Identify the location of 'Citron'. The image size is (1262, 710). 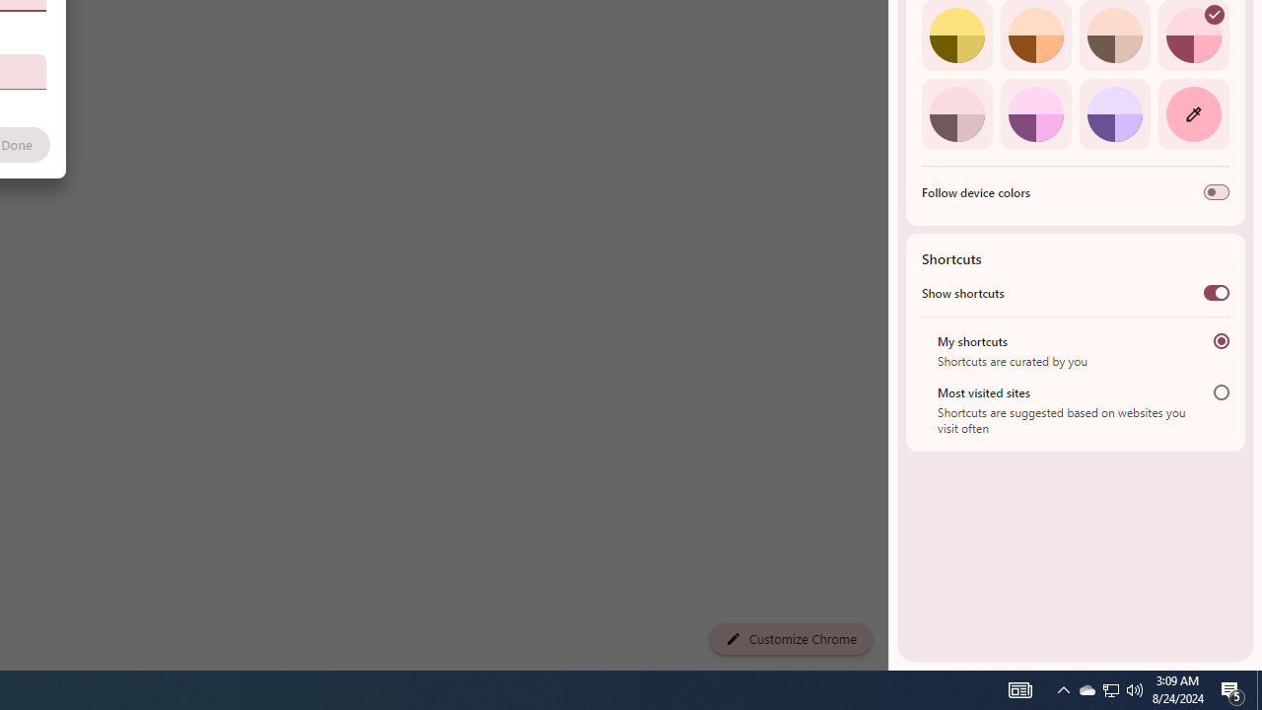
(956, 35).